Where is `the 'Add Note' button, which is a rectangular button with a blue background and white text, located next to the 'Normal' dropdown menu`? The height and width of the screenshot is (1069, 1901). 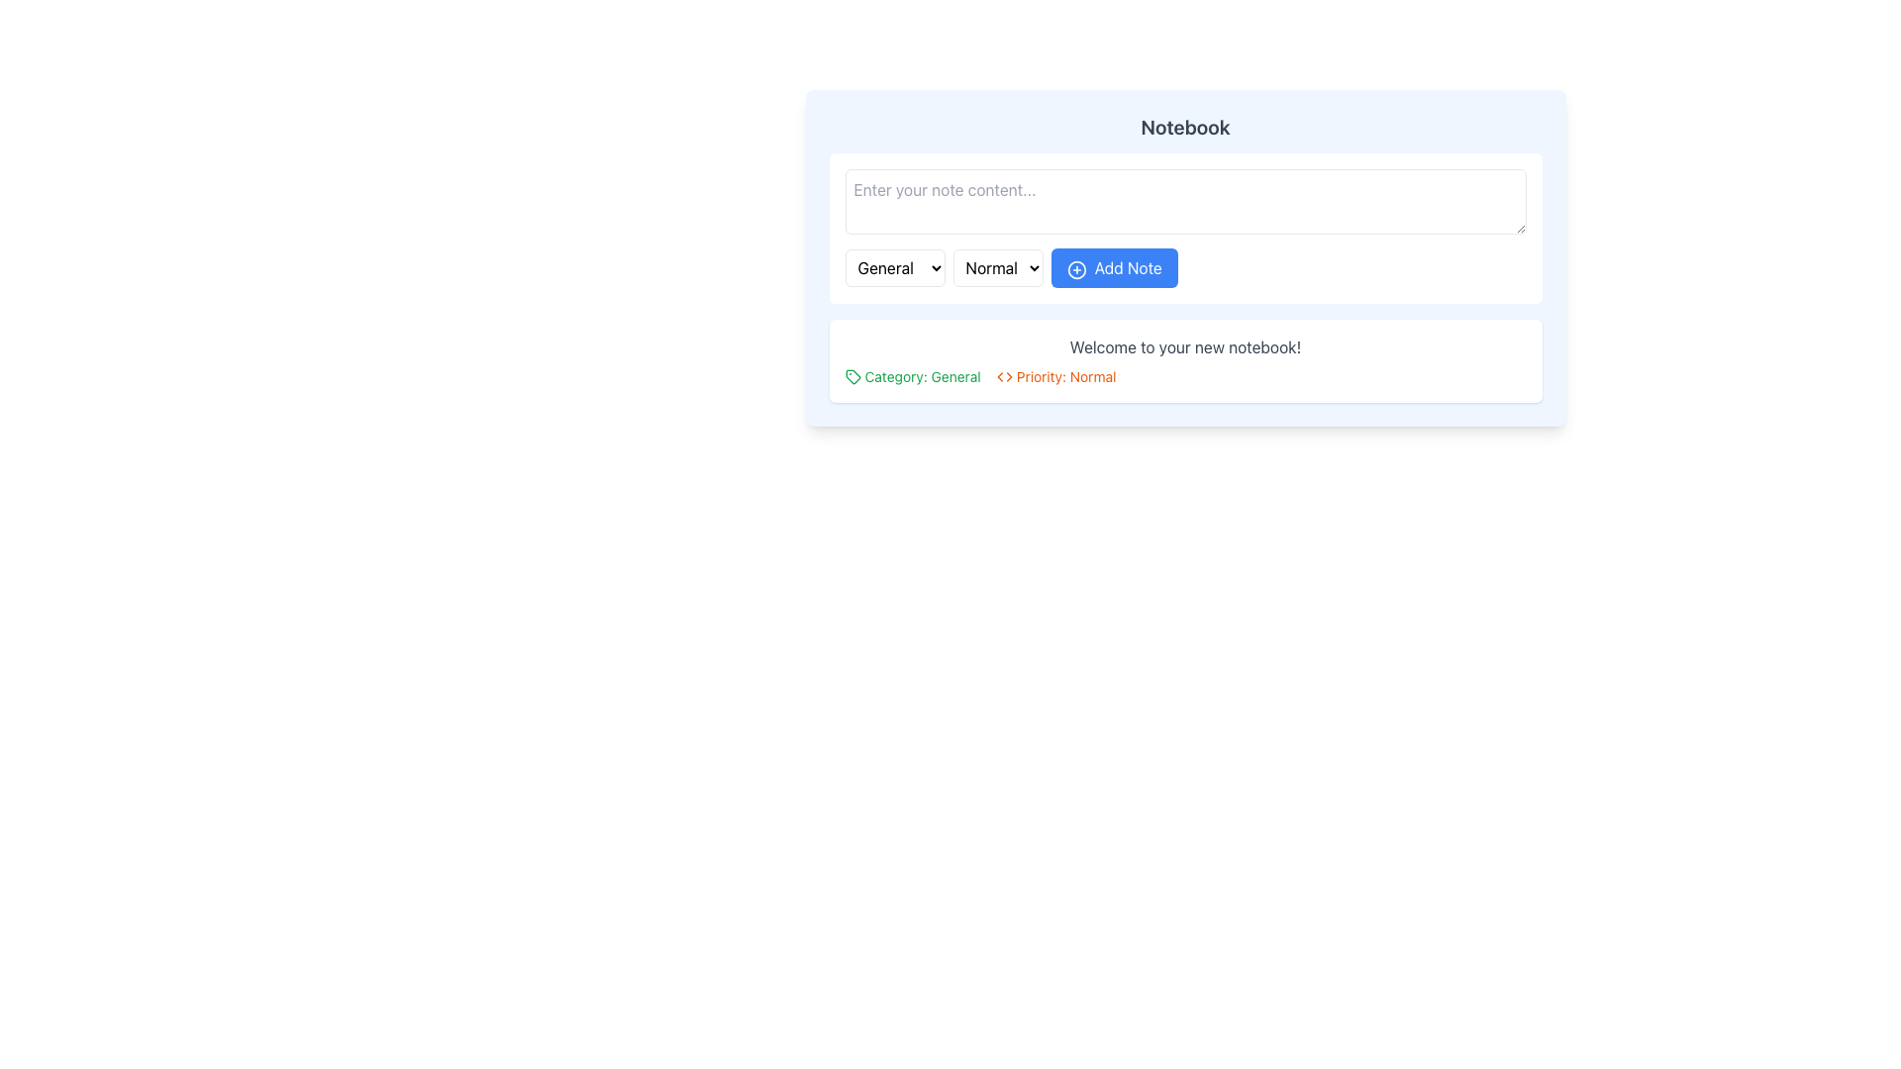
the 'Add Note' button, which is a rectangular button with a blue background and white text, located next to the 'Normal' dropdown menu is located at coordinates (1114, 267).